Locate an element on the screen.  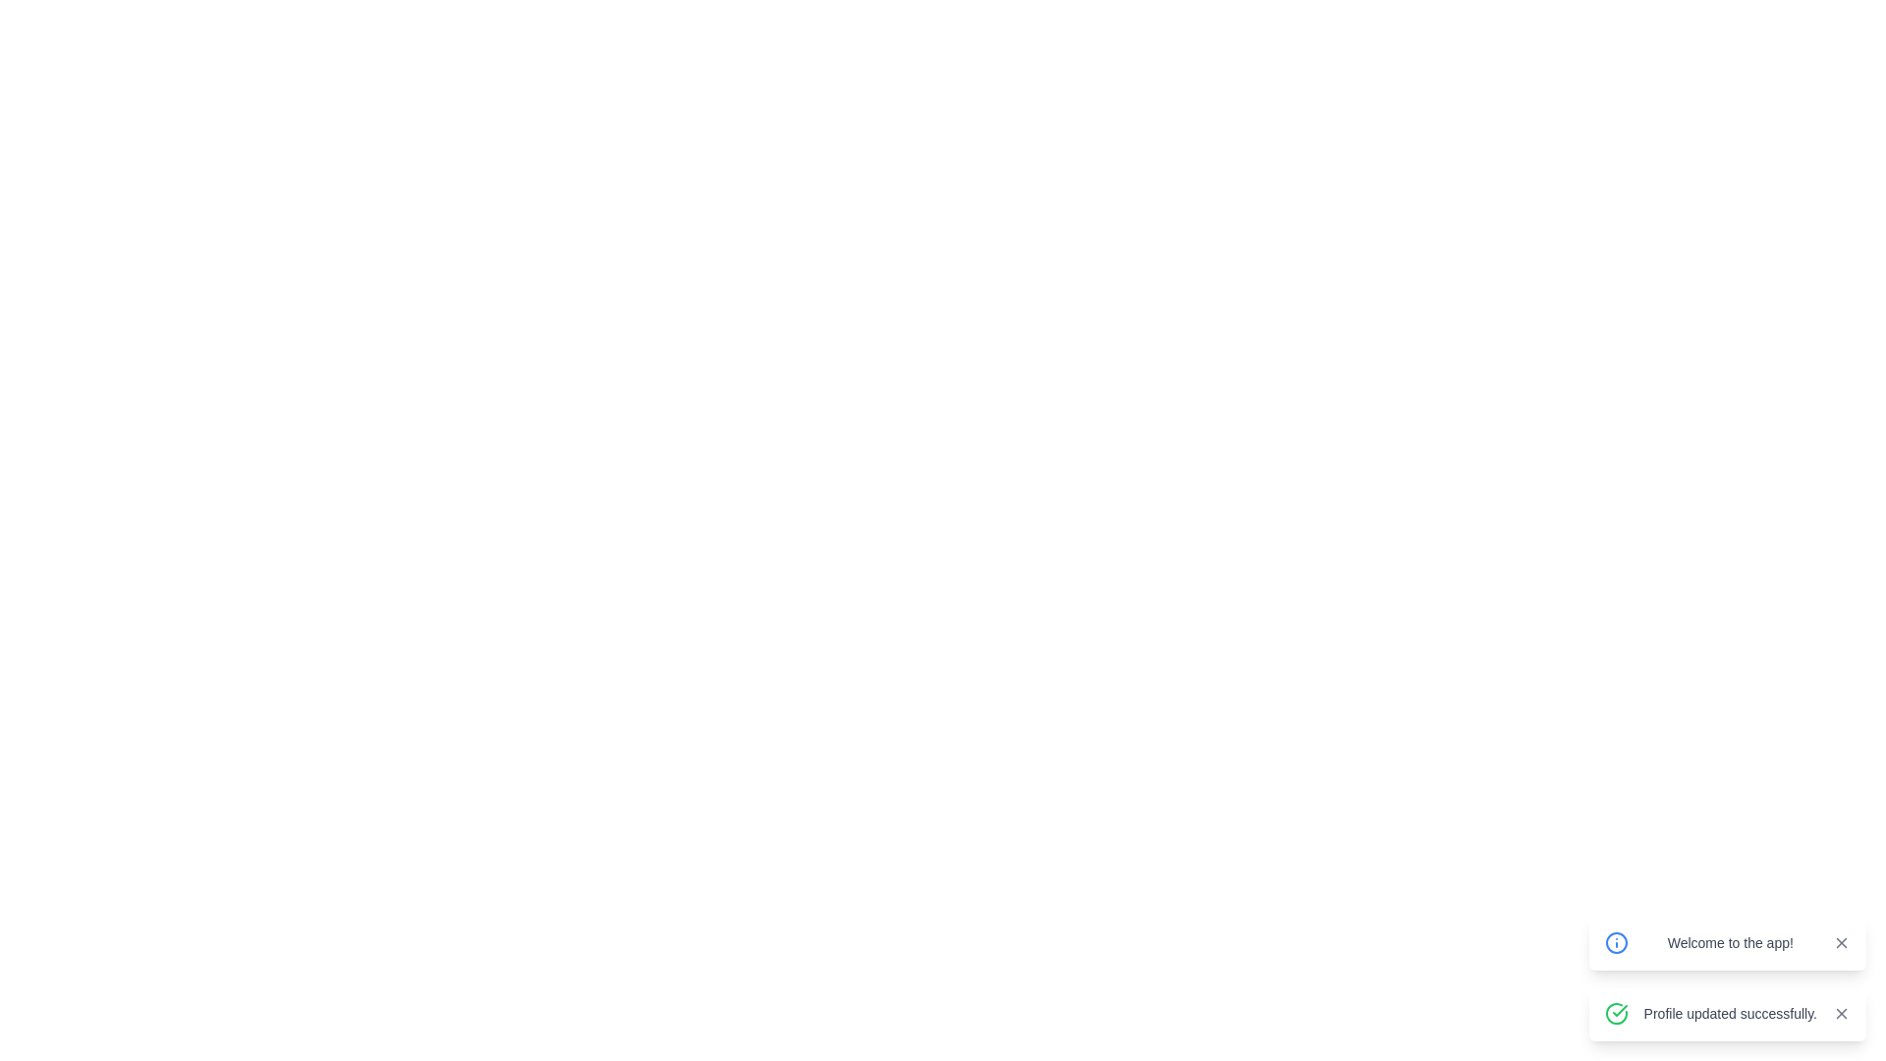
the top-right diagonal stroke of the 'X' symbol in the dismiss button of the notification box is located at coordinates (1841, 1014).